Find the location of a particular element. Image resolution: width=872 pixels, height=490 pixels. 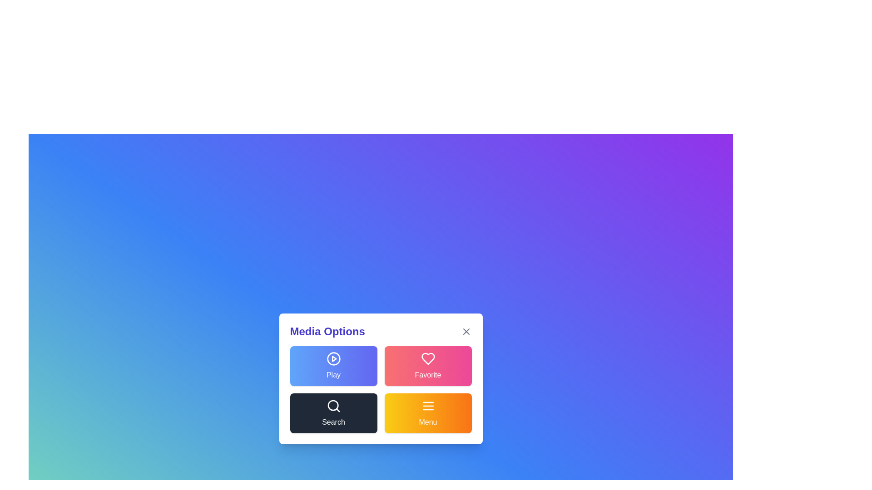

the menu icon represented by an SVG graphic with three horizontal lines, styled with a gradient orange background is located at coordinates (427, 405).